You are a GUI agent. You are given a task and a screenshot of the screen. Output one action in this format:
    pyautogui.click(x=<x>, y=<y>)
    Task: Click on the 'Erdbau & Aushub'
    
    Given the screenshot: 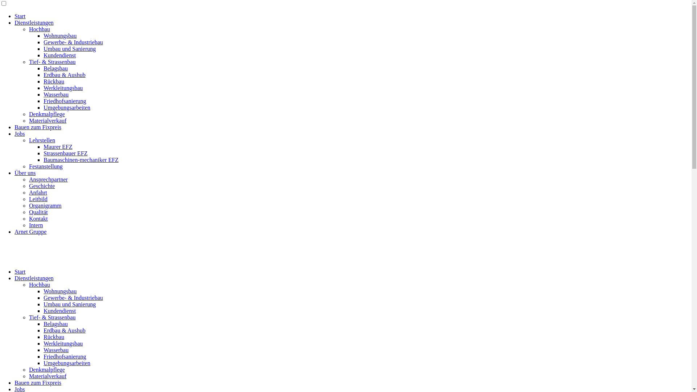 What is the action you would take?
    pyautogui.click(x=64, y=330)
    